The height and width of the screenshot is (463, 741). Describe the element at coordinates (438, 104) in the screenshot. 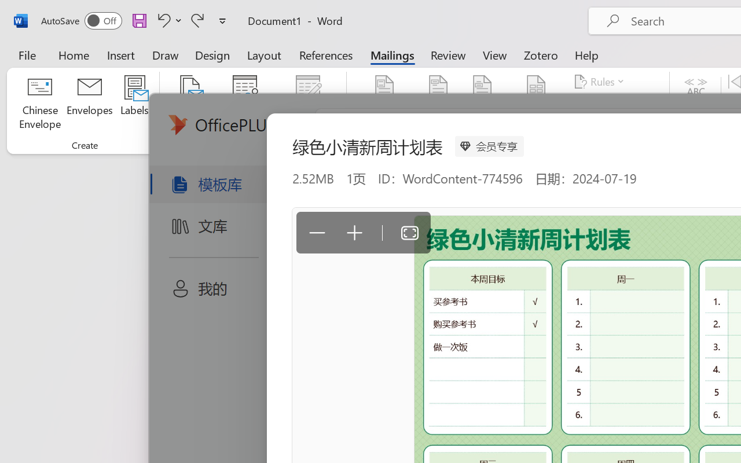

I see `'Address Block...'` at that location.